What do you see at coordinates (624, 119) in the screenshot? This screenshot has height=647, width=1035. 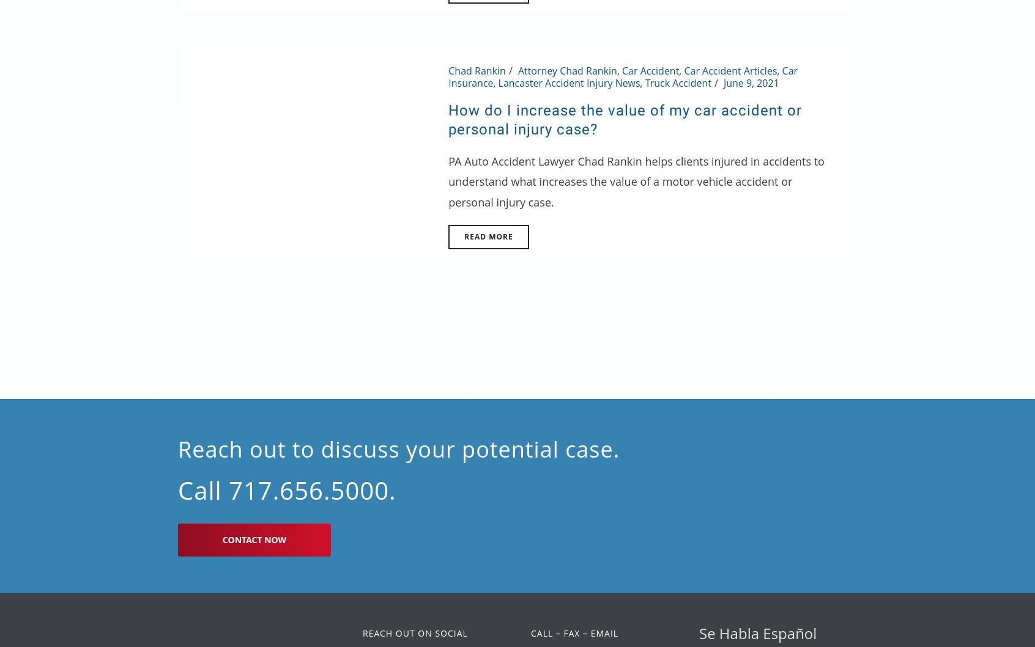 I see `'How do I increase the value of my car accident or personal injury case?'` at bounding box center [624, 119].